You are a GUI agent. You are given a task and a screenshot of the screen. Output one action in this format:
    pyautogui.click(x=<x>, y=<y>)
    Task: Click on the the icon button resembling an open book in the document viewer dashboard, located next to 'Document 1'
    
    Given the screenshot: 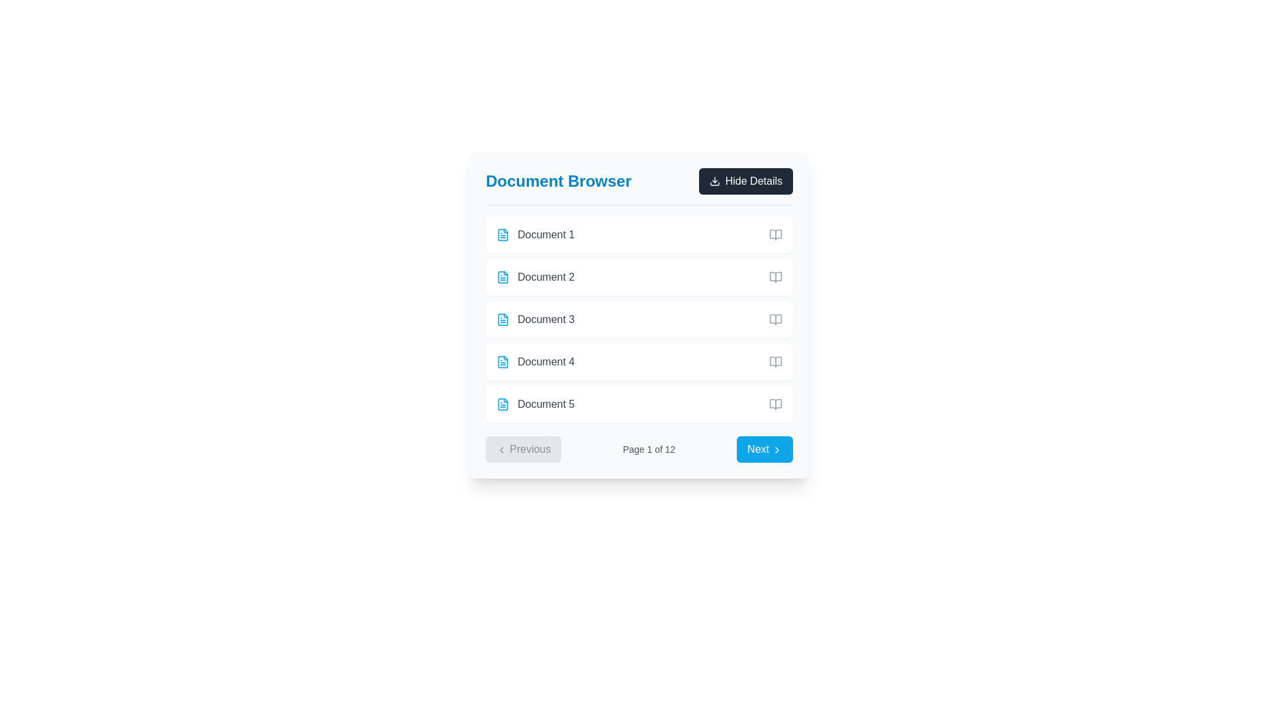 What is the action you would take?
    pyautogui.click(x=775, y=234)
    